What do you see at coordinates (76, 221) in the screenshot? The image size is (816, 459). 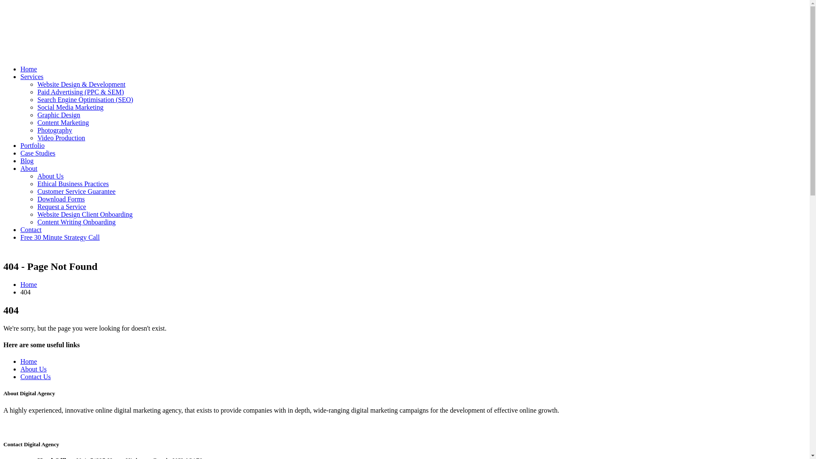 I see `'Content Writing Onboarding'` at bounding box center [76, 221].